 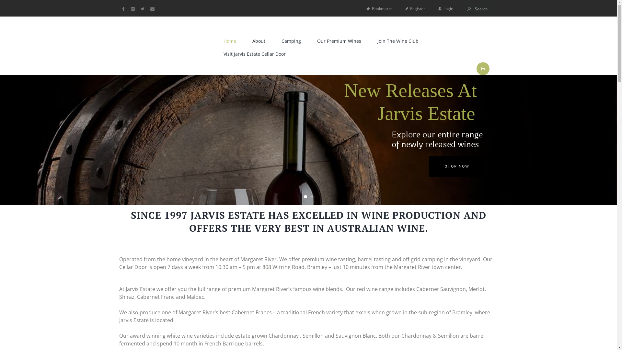 What do you see at coordinates (258, 41) in the screenshot?
I see `'About'` at bounding box center [258, 41].